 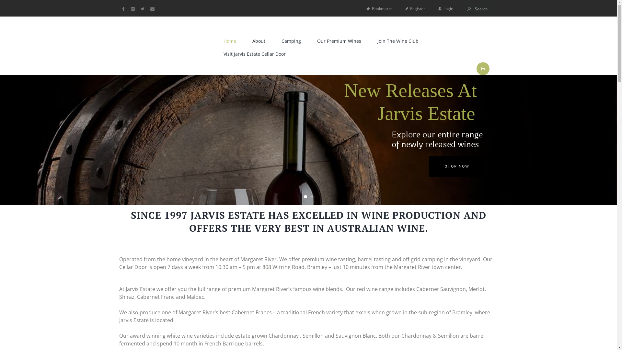 What do you see at coordinates (258, 41) in the screenshot?
I see `'About'` at bounding box center [258, 41].